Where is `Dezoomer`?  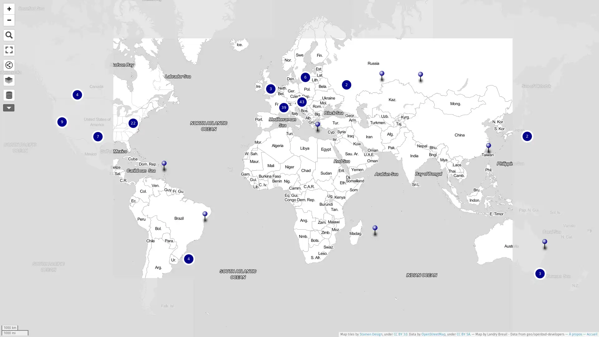 Dezoomer is located at coordinates (9, 20).